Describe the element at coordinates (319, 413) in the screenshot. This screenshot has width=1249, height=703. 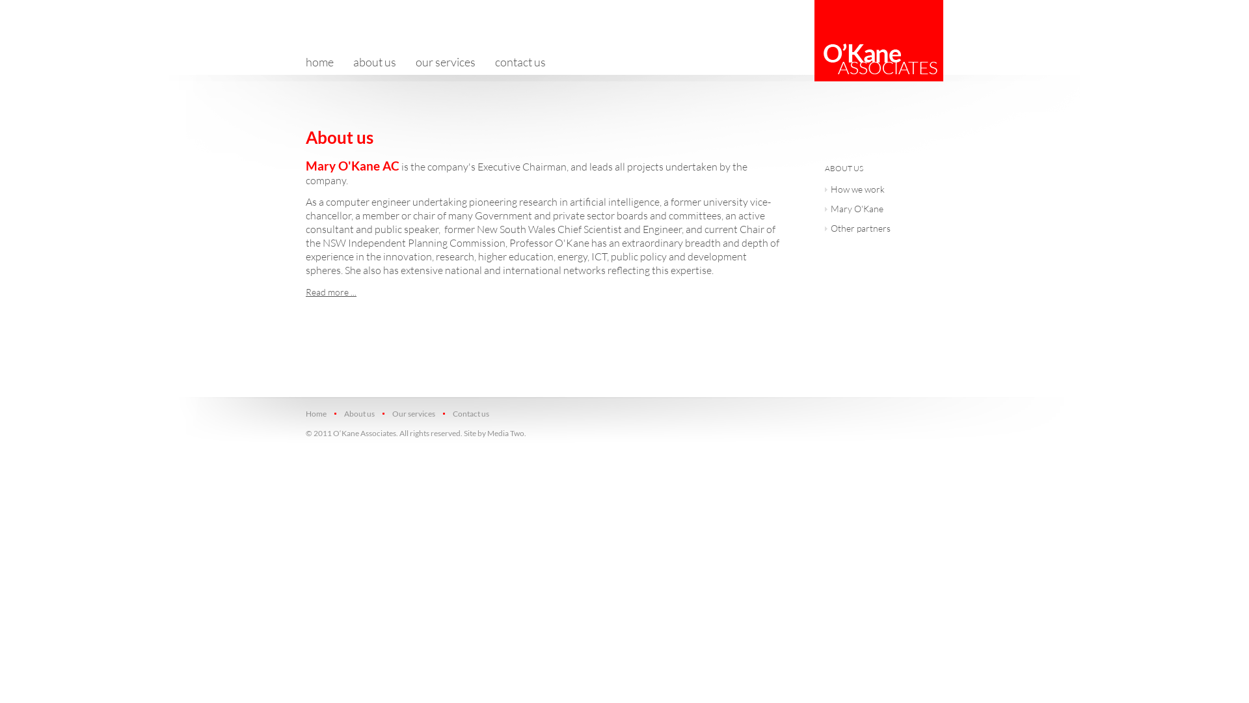
I see `'Home'` at that location.